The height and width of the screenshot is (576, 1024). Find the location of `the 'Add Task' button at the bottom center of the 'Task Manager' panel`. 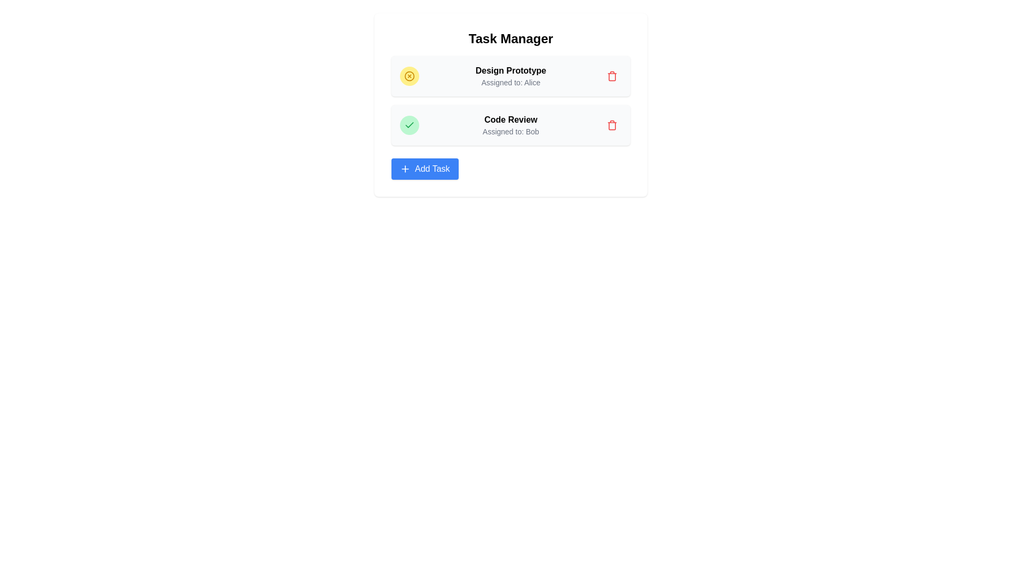

the 'Add Task' button at the bottom center of the 'Task Manager' panel is located at coordinates (424, 168).